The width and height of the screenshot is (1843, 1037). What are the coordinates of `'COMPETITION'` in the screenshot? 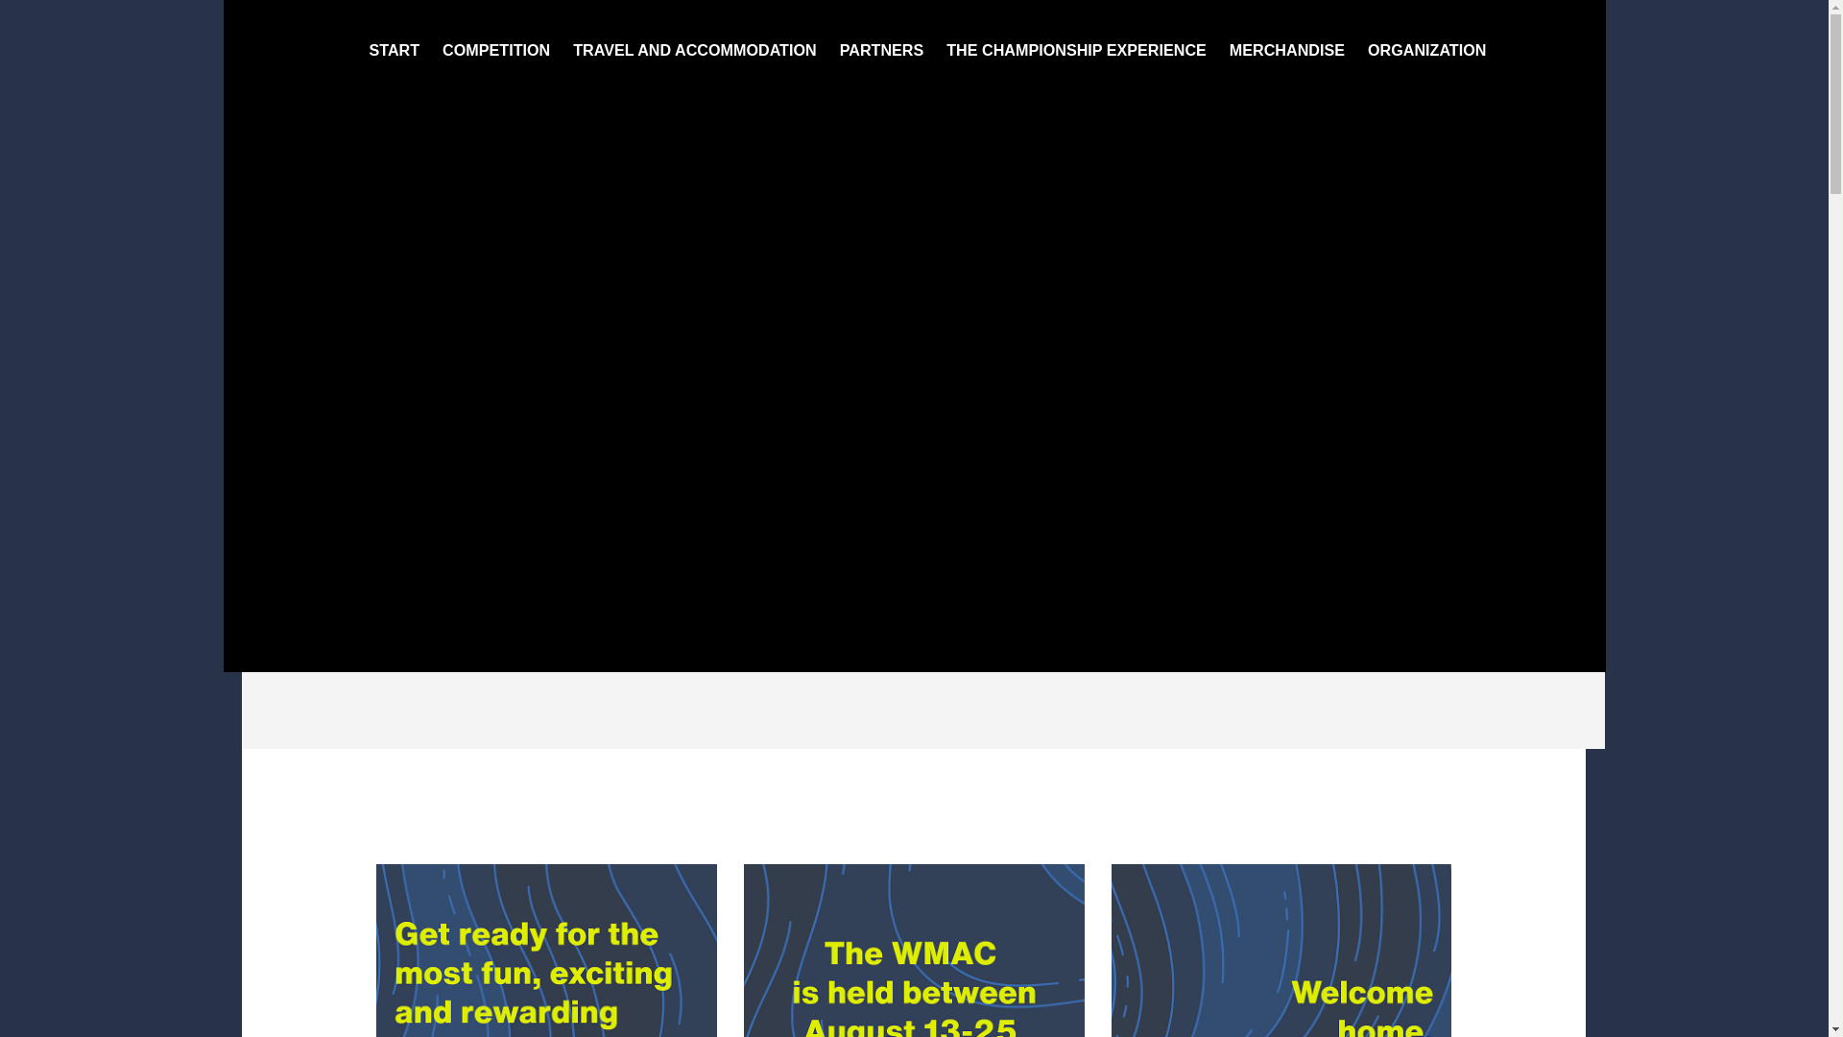 It's located at (496, 48).